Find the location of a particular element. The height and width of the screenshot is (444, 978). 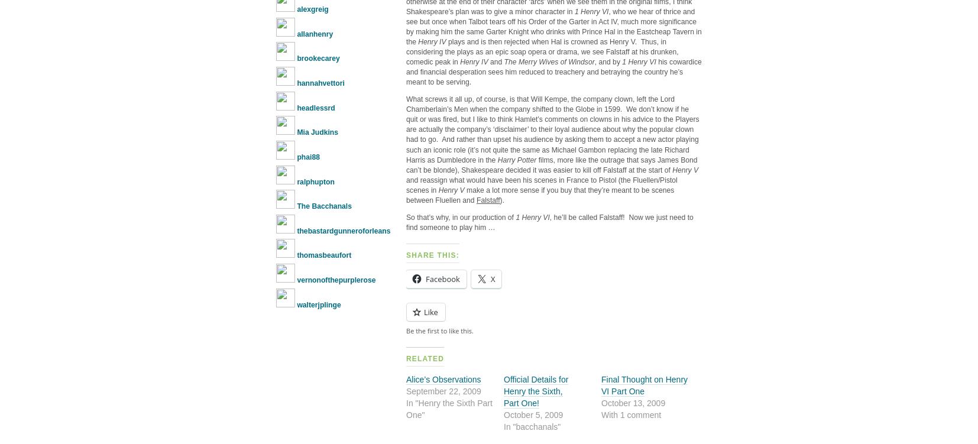

'ralphupton' is located at coordinates (296, 182).